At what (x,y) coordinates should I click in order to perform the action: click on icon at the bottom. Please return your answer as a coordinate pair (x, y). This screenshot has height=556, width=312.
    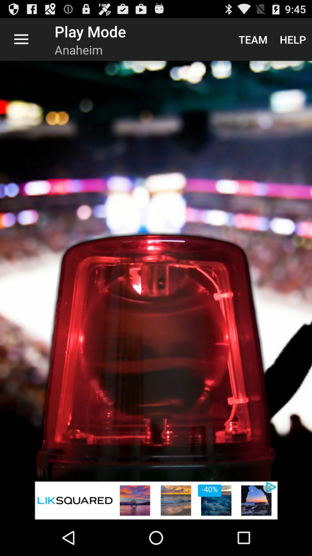
    Looking at the image, I should click on (156, 500).